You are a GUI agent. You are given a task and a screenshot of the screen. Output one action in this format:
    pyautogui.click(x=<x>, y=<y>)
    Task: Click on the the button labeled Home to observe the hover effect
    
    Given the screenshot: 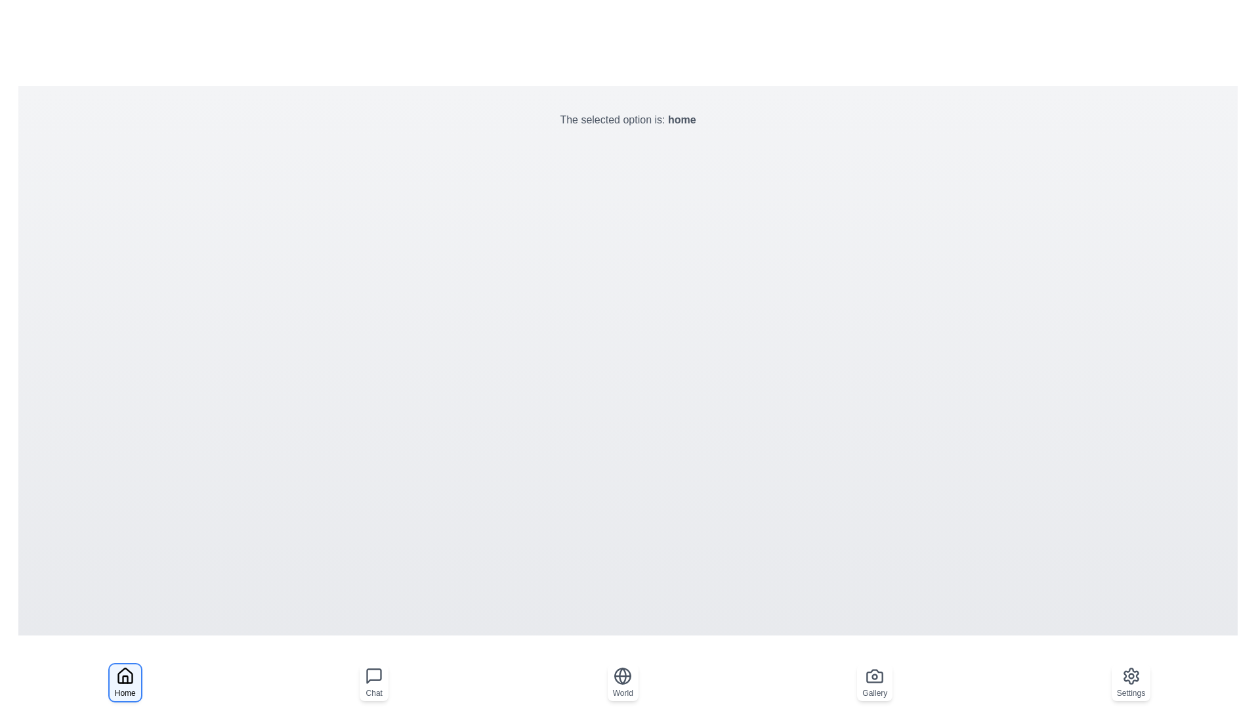 What is the action you would take?
    pyautogui.click(x=125, y=682)
    